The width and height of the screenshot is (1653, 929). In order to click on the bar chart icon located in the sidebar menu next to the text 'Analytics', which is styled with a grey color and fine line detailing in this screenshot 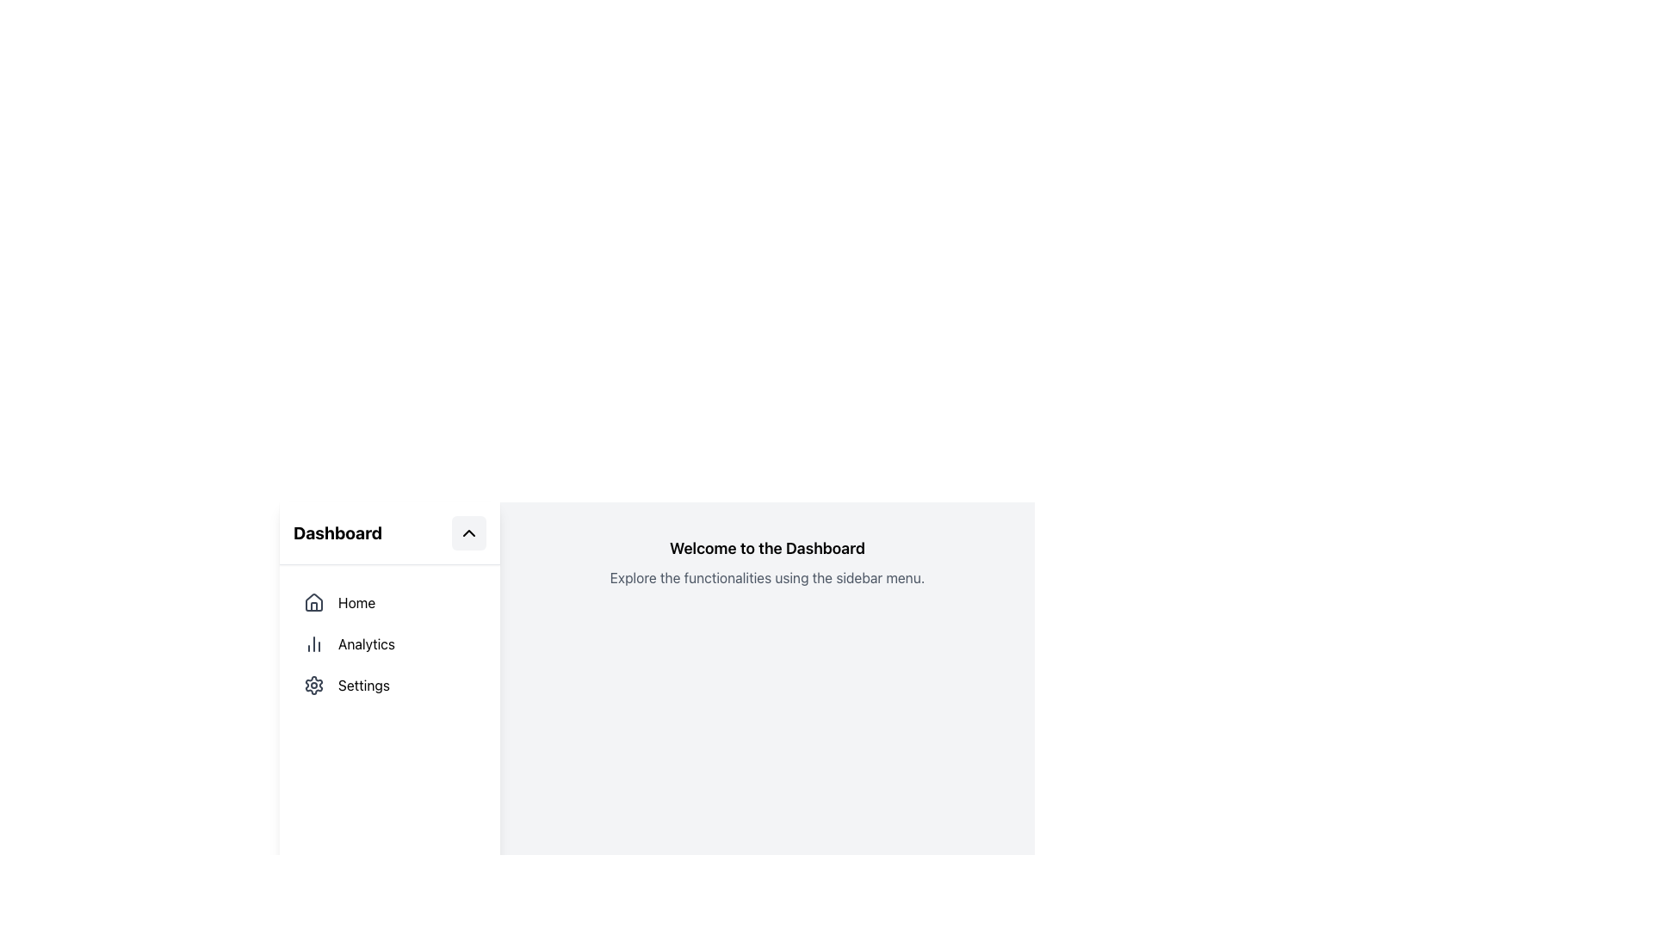, I will do `click(313, 643)`.